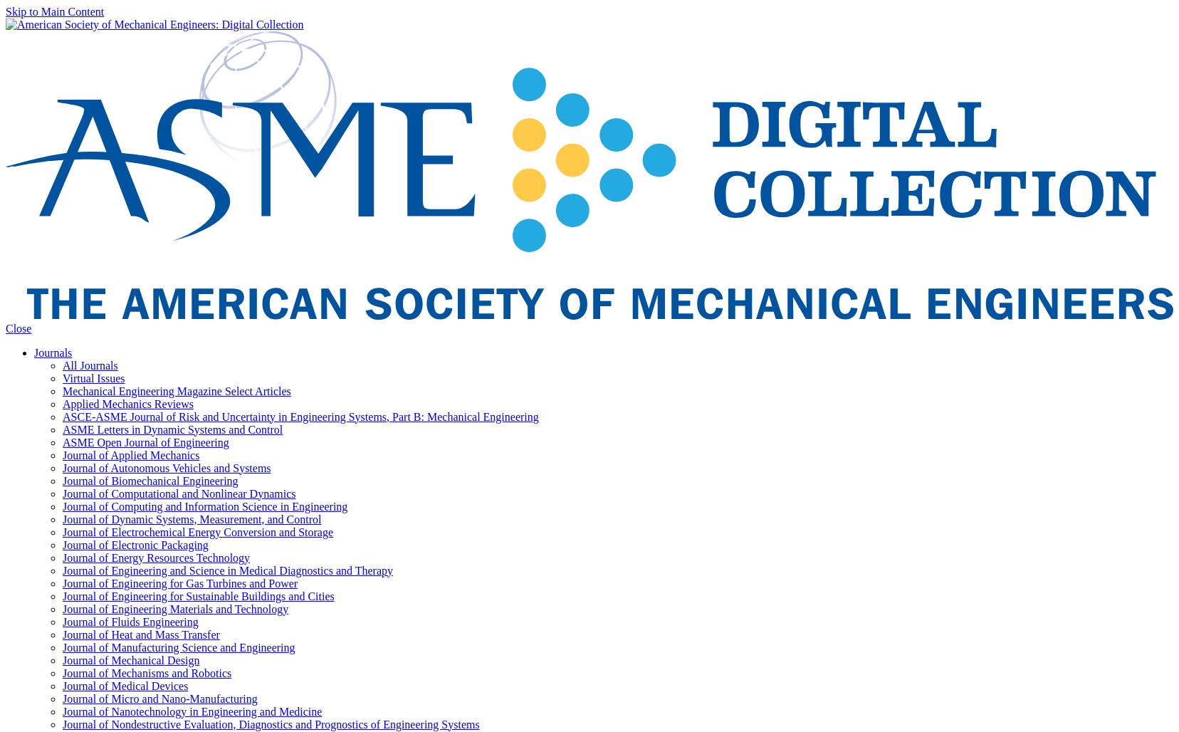 The height and width of the screenshot is (732, 1179). I want to click on 'Journal of Electronic Packaging', so click(134, 543).